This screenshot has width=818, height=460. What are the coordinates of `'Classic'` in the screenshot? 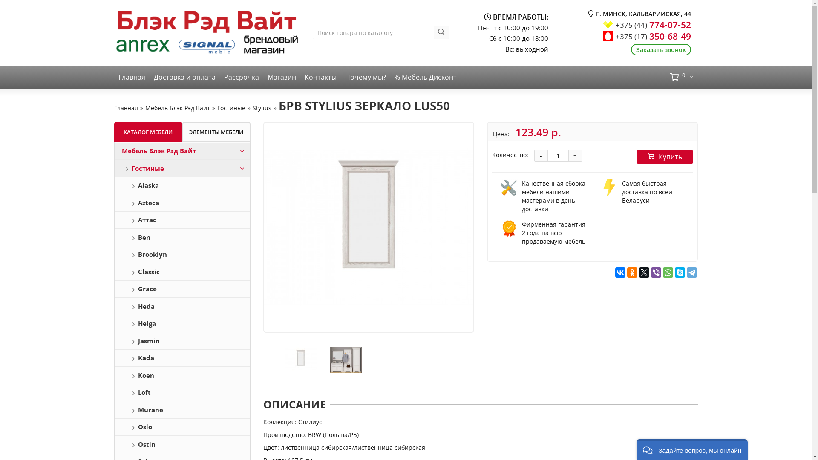 It's located at (181, 271).